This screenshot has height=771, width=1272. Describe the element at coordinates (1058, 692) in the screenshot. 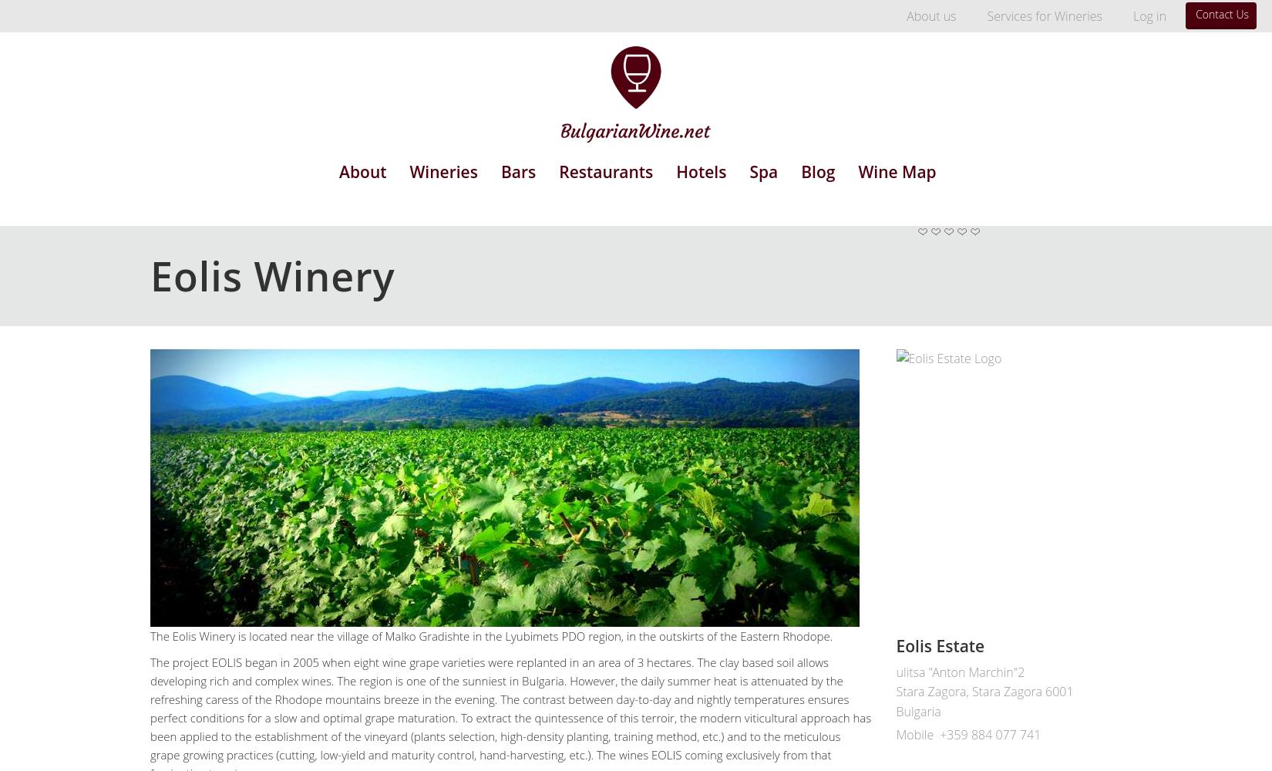

I see `'6001'` at that location.